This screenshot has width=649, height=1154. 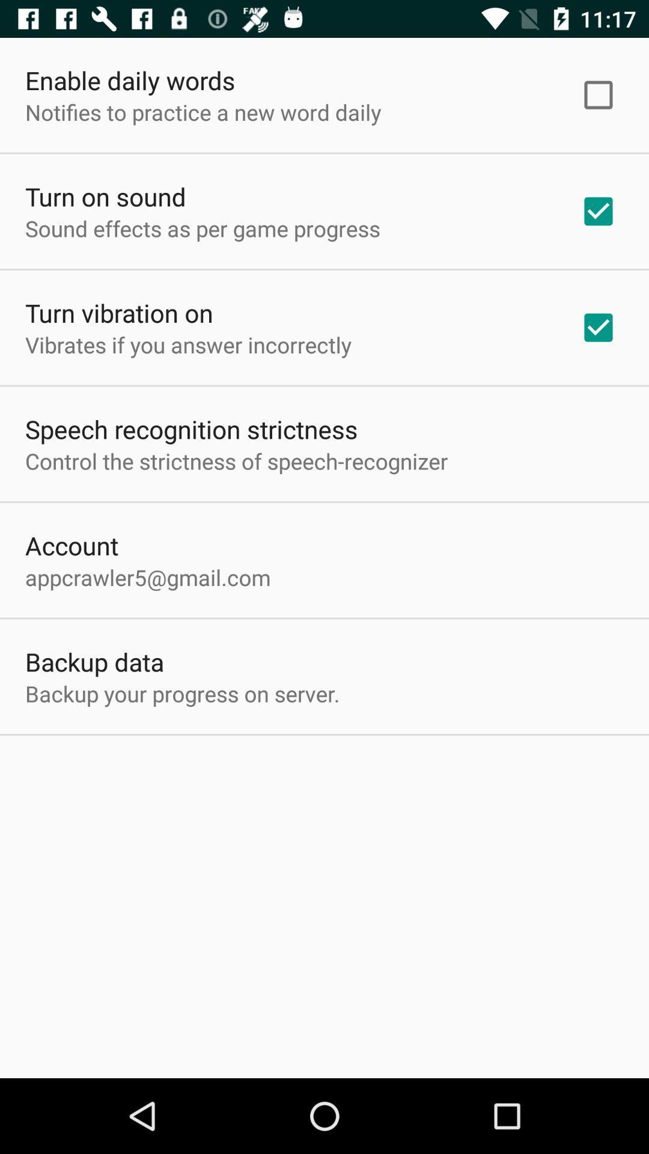 What do you see at coordinates (147, 577) in the screenshot?
I see `appcrawler5@gmail.com icon` at bounding box center [147, 577].